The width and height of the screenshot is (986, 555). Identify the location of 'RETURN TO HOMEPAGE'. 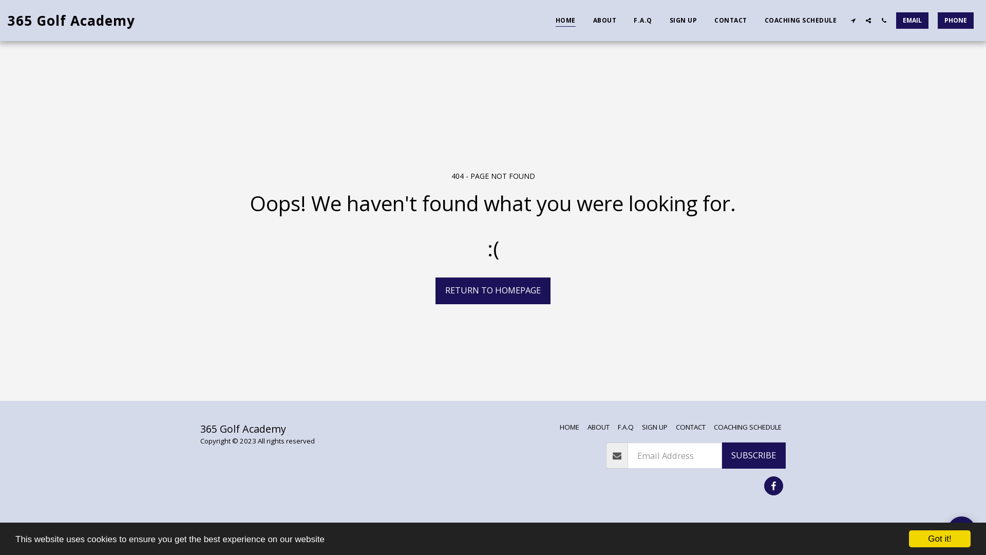
(493, 291).